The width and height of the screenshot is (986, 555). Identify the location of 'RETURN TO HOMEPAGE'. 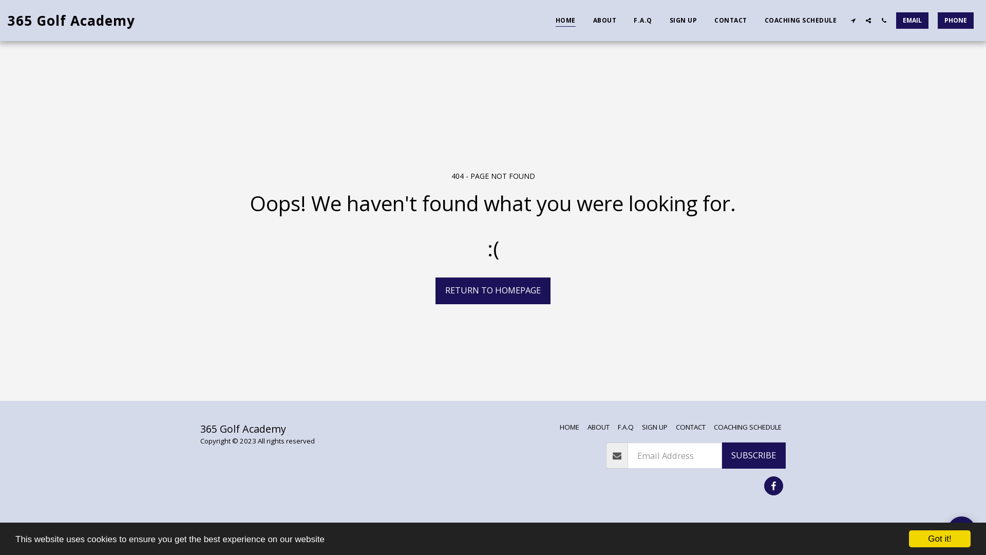
(493, 291).